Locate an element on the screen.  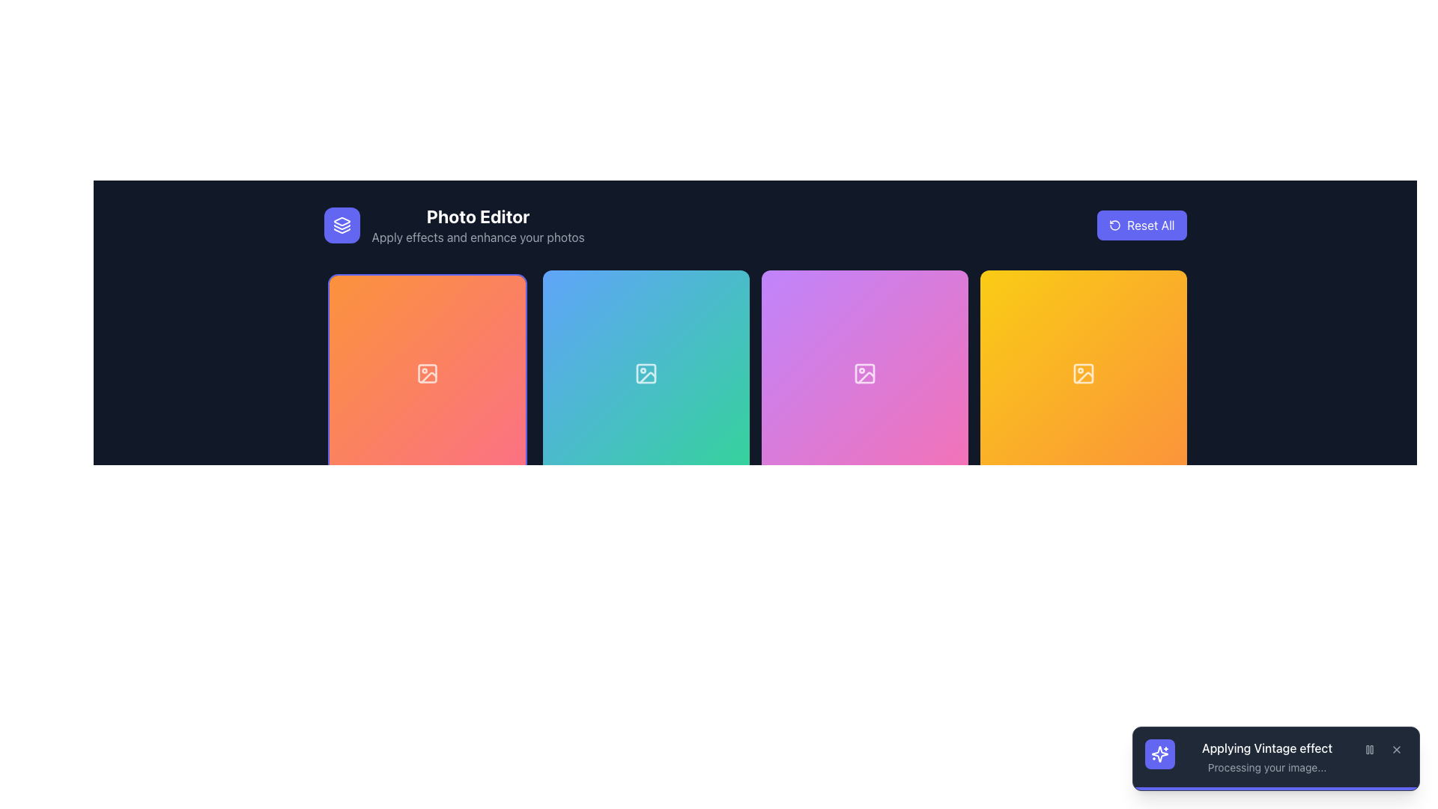
the graphical element located in the bottom-right corner of the second card, which is part of a set of four cards displayed in a row is located at coordinates (646, 372).